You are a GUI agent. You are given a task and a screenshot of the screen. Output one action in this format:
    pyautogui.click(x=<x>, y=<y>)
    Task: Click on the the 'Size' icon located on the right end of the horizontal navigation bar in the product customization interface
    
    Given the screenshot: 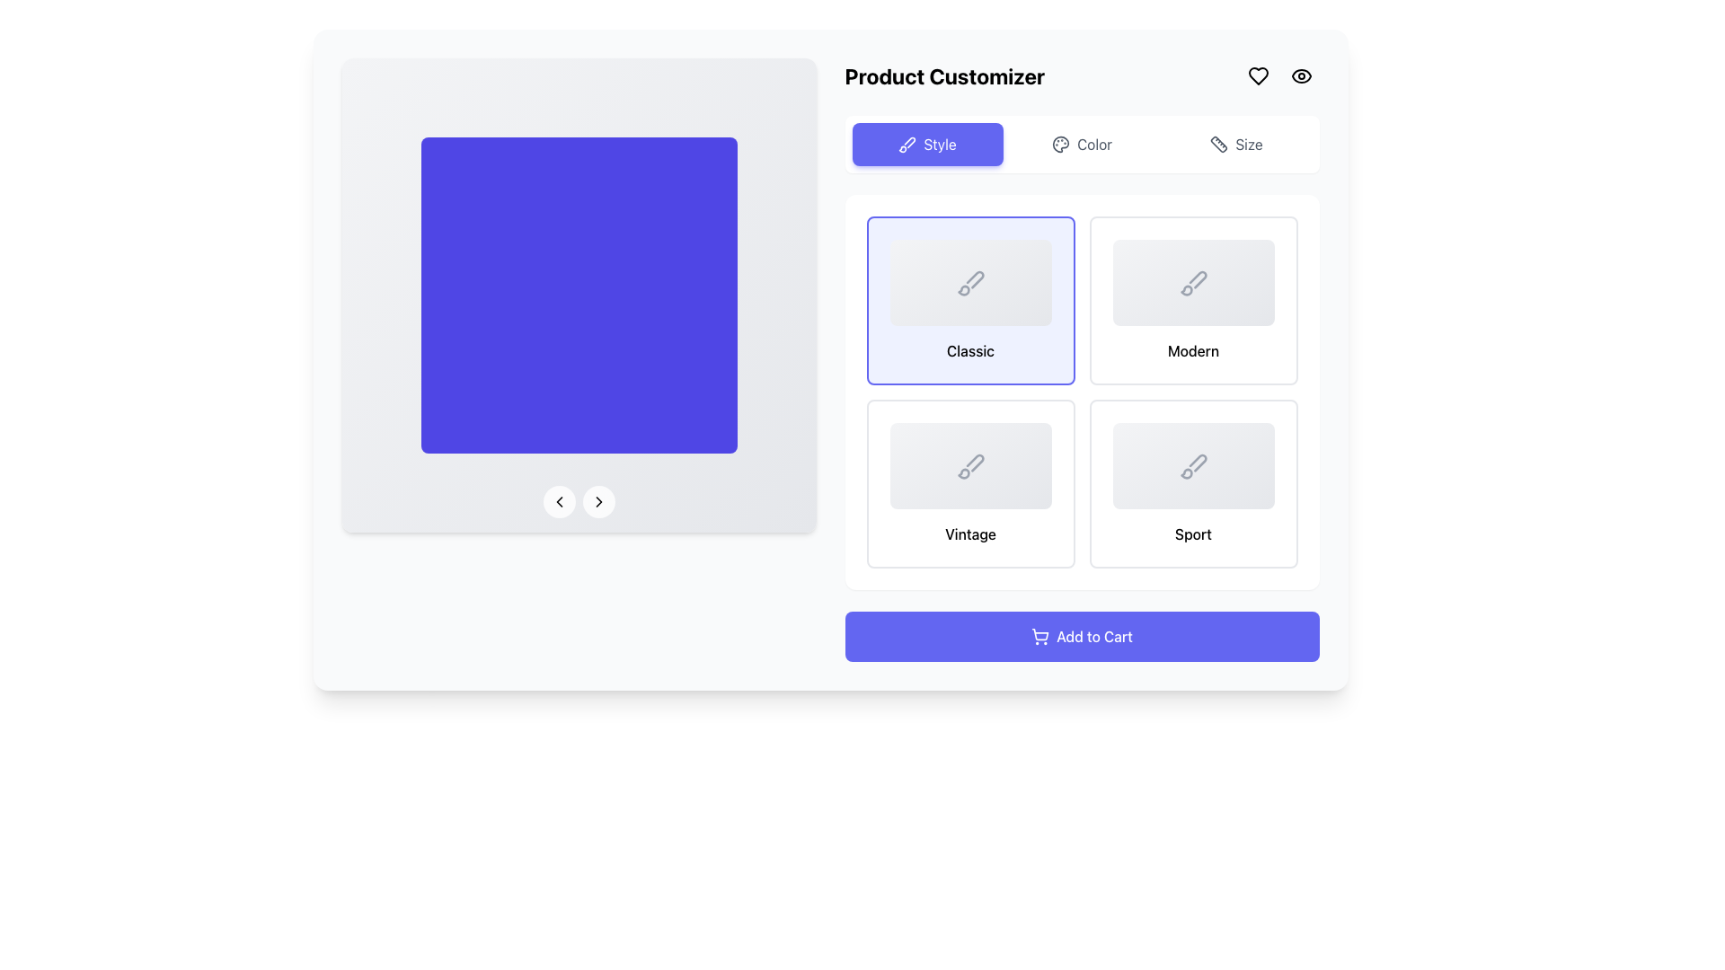 What is the action you would take?
    pyautogui.click(x=1219, y=144)
    